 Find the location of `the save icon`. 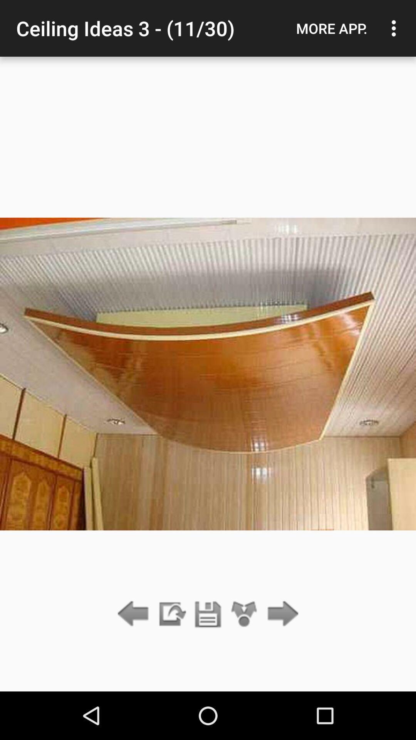

the save icon is located at coordinates (208, 614).